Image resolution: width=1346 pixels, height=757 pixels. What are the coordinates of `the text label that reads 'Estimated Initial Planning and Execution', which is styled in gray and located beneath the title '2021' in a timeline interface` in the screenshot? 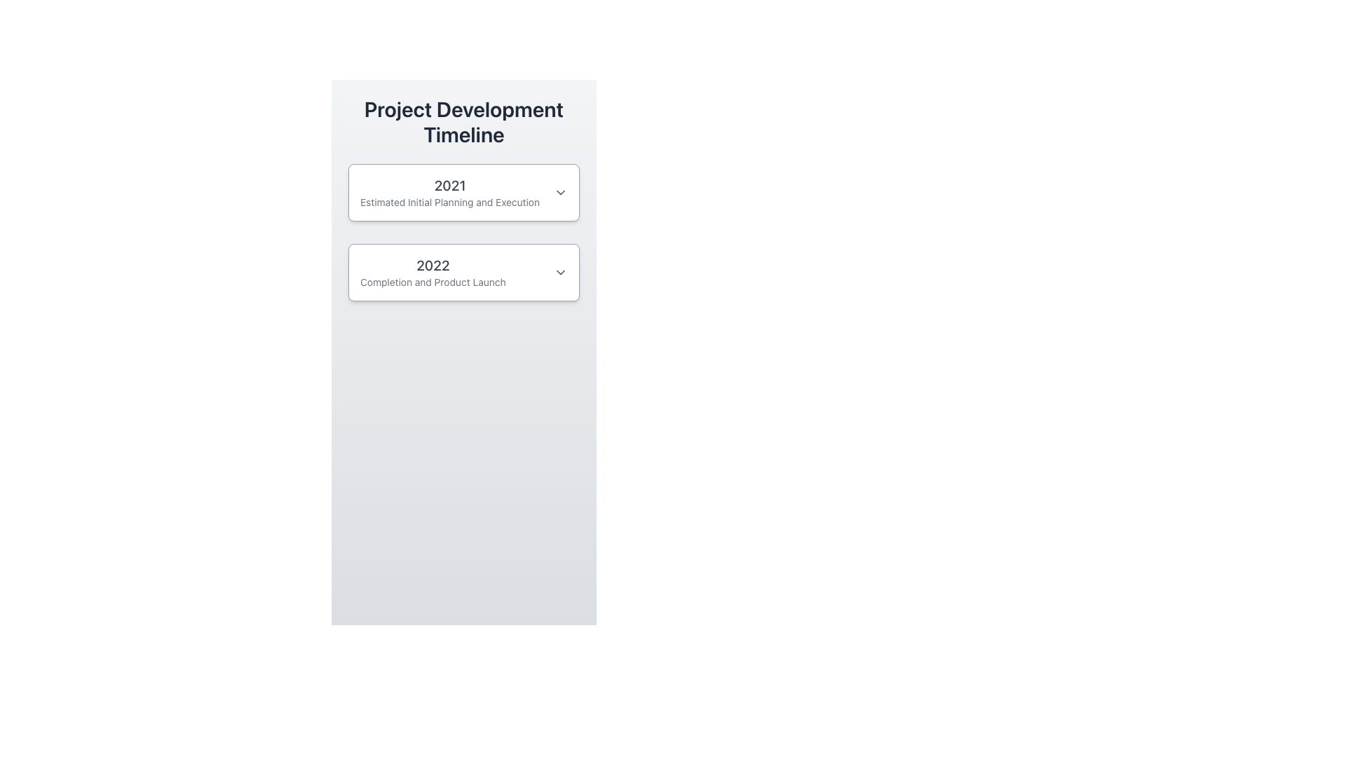 It's located at (450, 203).